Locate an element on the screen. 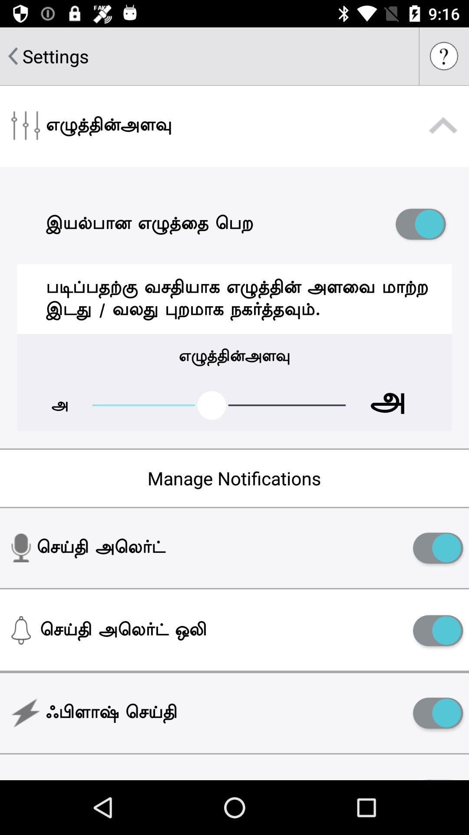 The height and width of the screenshot is (835, 469). notifications option is located at coordinates (438, 631).